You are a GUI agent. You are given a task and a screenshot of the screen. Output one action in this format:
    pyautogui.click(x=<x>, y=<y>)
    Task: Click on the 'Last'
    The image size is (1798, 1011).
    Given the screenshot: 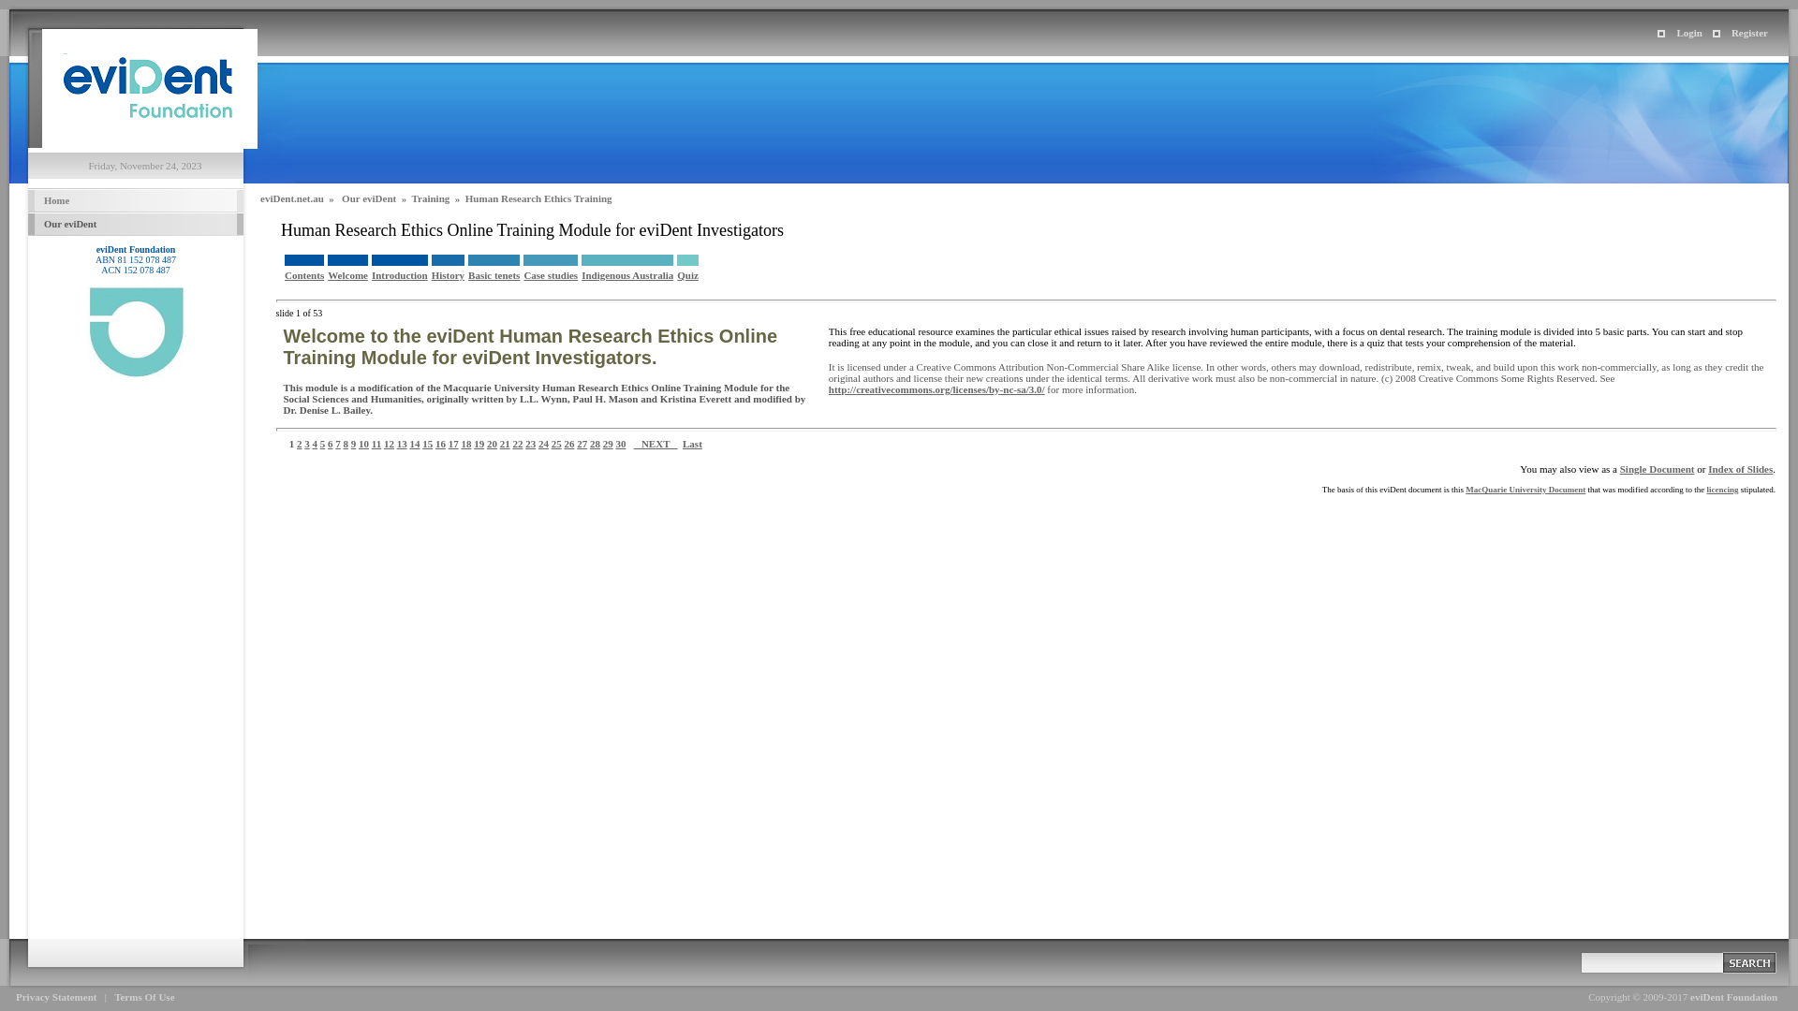 What is the action you would take?
    pyautogui.click(x=691, y=444)
    